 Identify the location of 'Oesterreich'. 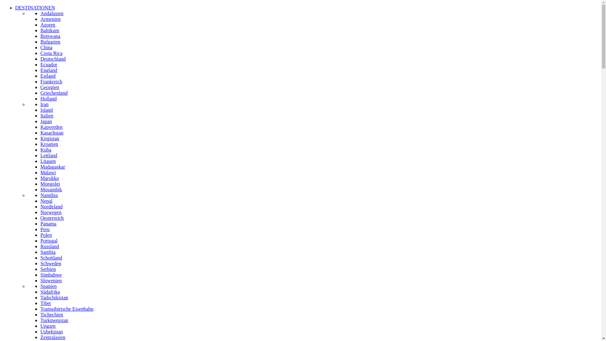
(52, 218).